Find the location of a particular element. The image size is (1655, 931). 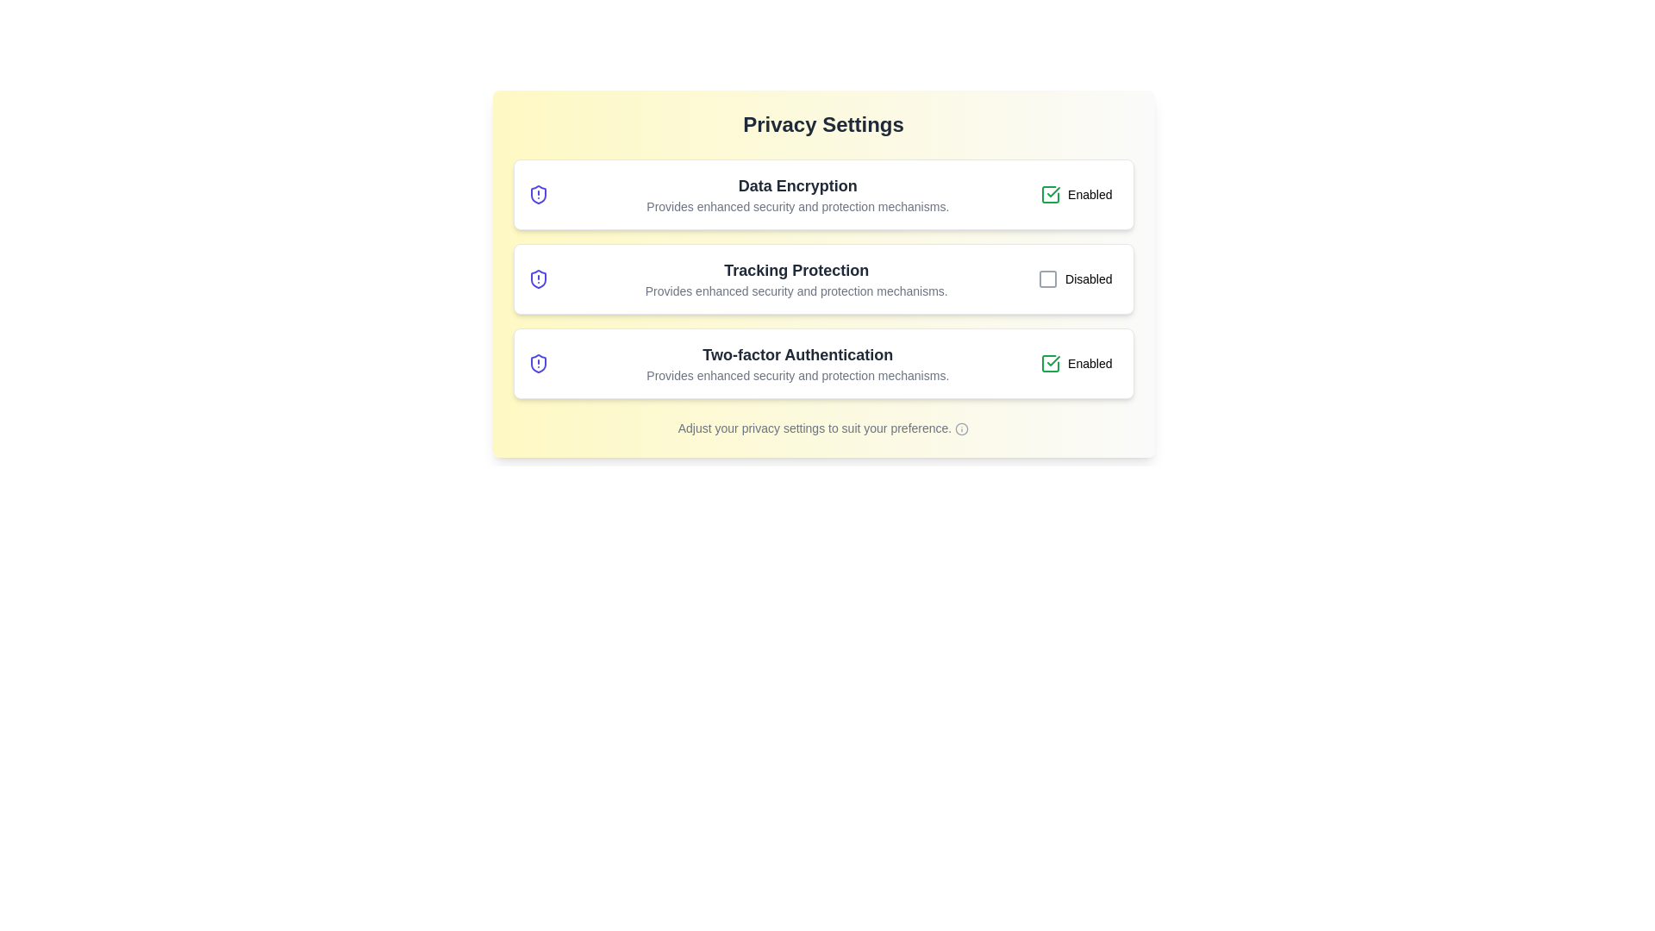

the descriptive text that reads 'Provides enhanced security and protection mechanisms.' located within the 'Tracking Protection' card UI is located at coordinates (796, 291).